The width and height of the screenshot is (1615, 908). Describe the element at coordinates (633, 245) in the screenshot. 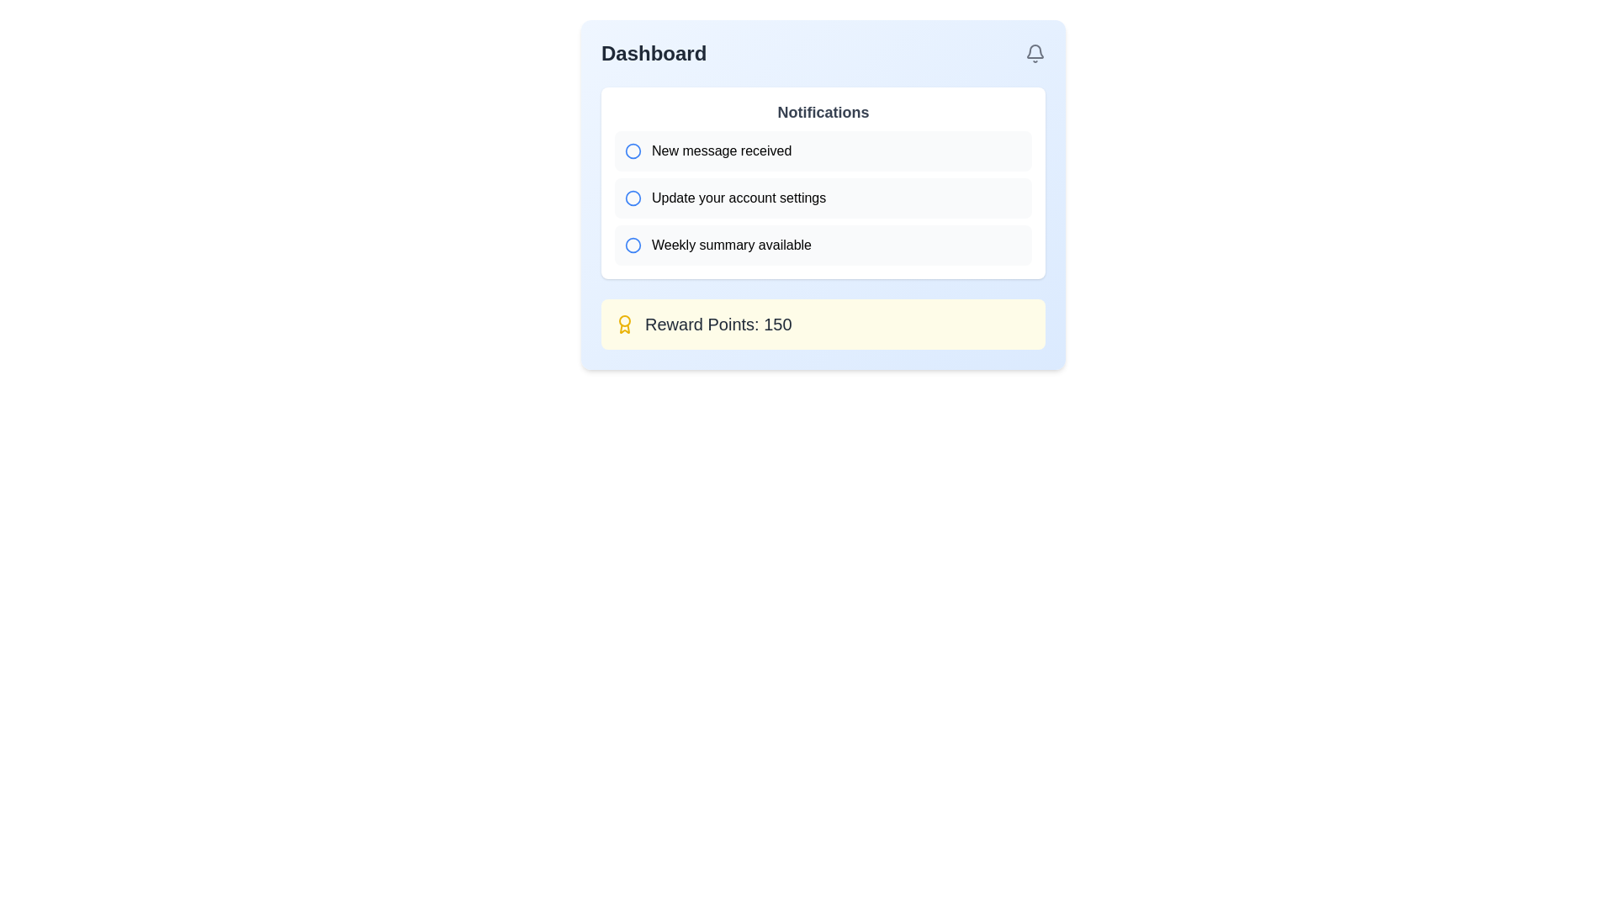

I see `the graphic icon indicating the status of the 'Weekly summary available' notification, which is positioned adjacent to the corresponding text in the Notification section` at that location.